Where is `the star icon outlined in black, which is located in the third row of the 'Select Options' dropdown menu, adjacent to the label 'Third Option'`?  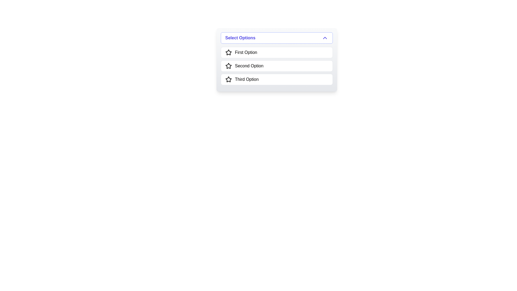 the star icon outlined in black, which is located in the third row of the 'Select Options' dropdown menu, adjacent to the label 'Third Option' is located at coordinates (228, 79).